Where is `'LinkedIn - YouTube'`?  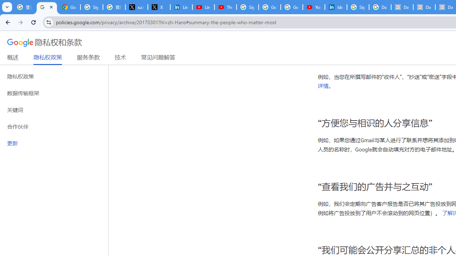 'LinkedIn - YouTube' is located at coordinates (203, 7).